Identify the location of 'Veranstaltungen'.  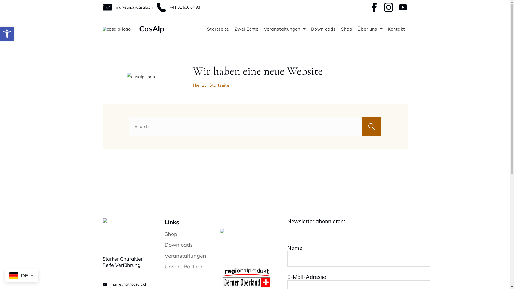
(185, 255).